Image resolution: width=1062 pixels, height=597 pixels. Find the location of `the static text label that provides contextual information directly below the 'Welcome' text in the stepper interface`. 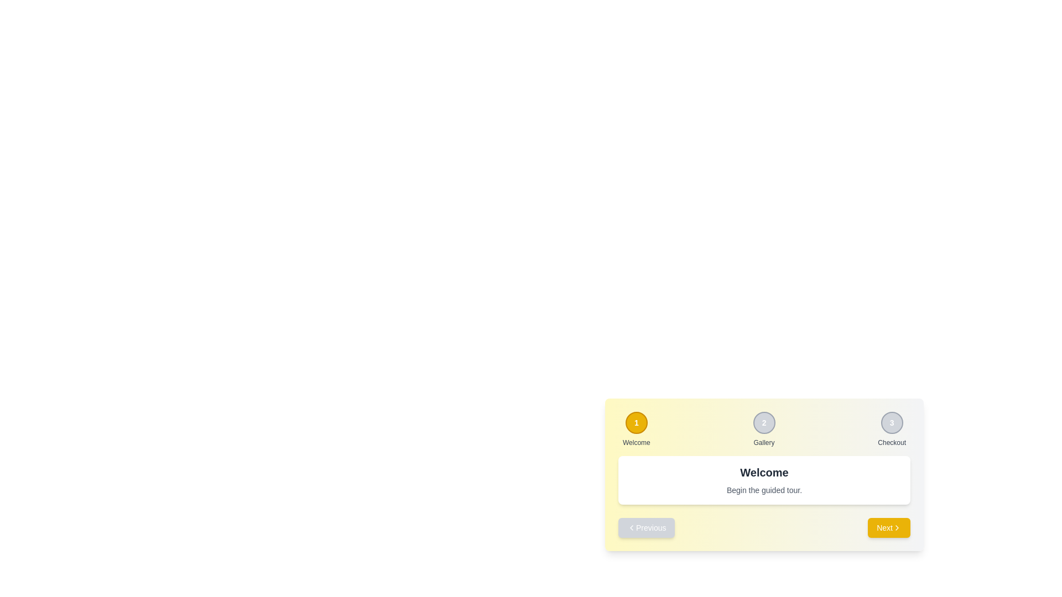

the static text label that provides contextual information directly below the 'Welcome' text in the stepper interface is located at coordinates (764, 490).